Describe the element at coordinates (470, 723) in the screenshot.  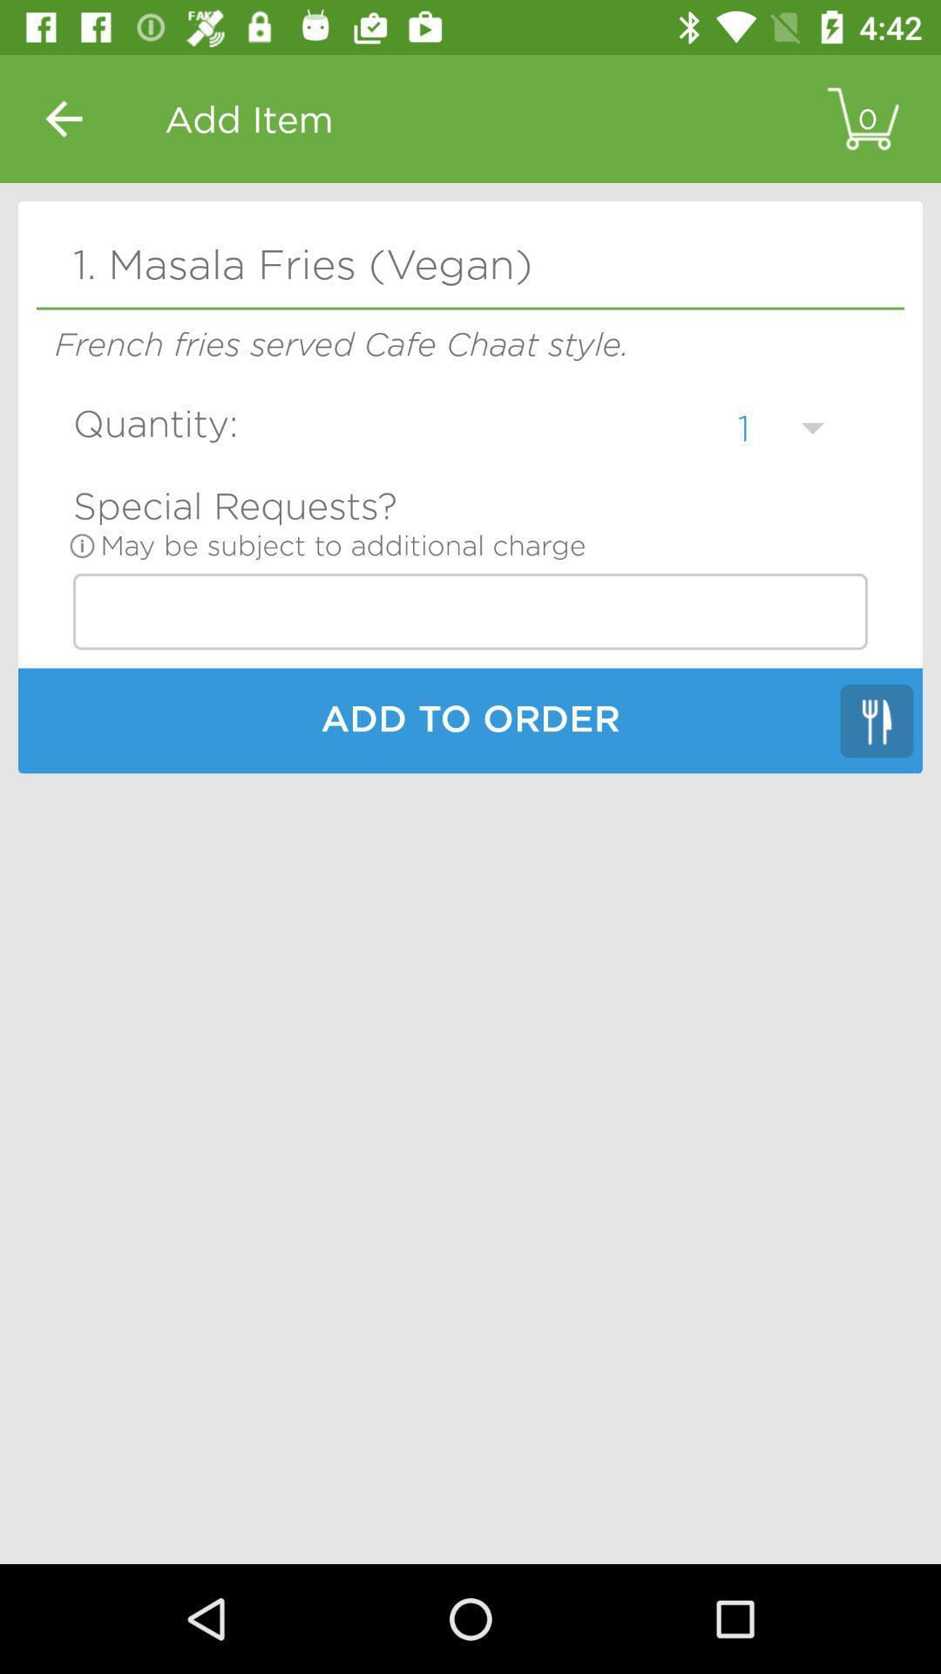
I see `add to order` at that location.